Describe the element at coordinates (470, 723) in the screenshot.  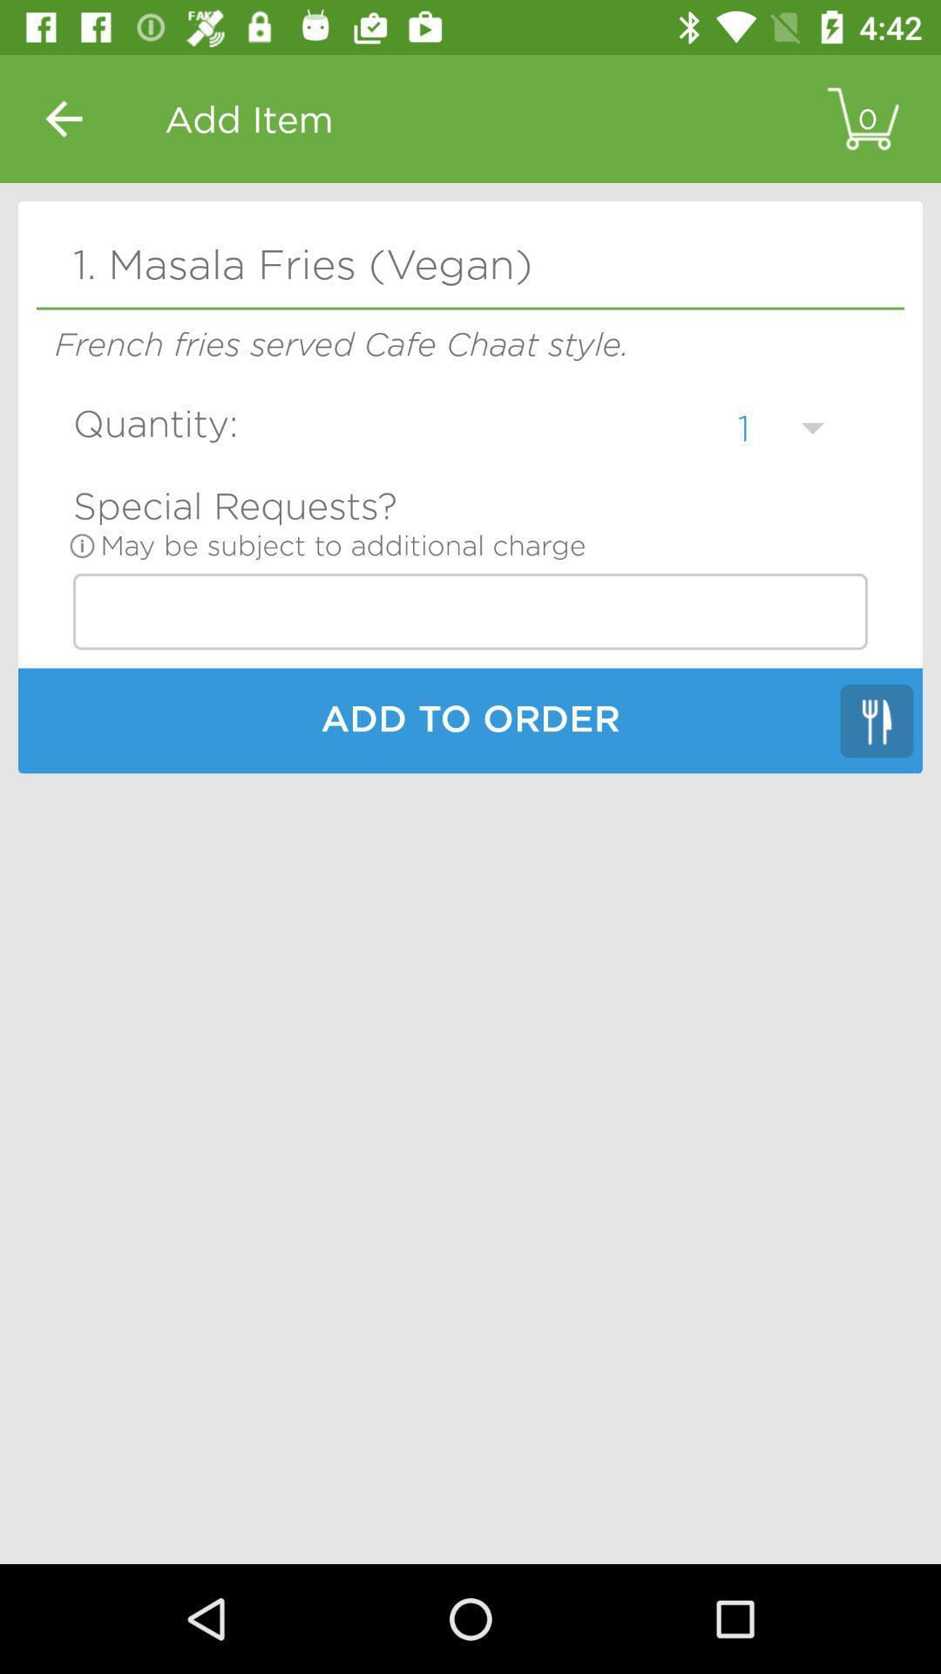
I see `add to order` at that location.